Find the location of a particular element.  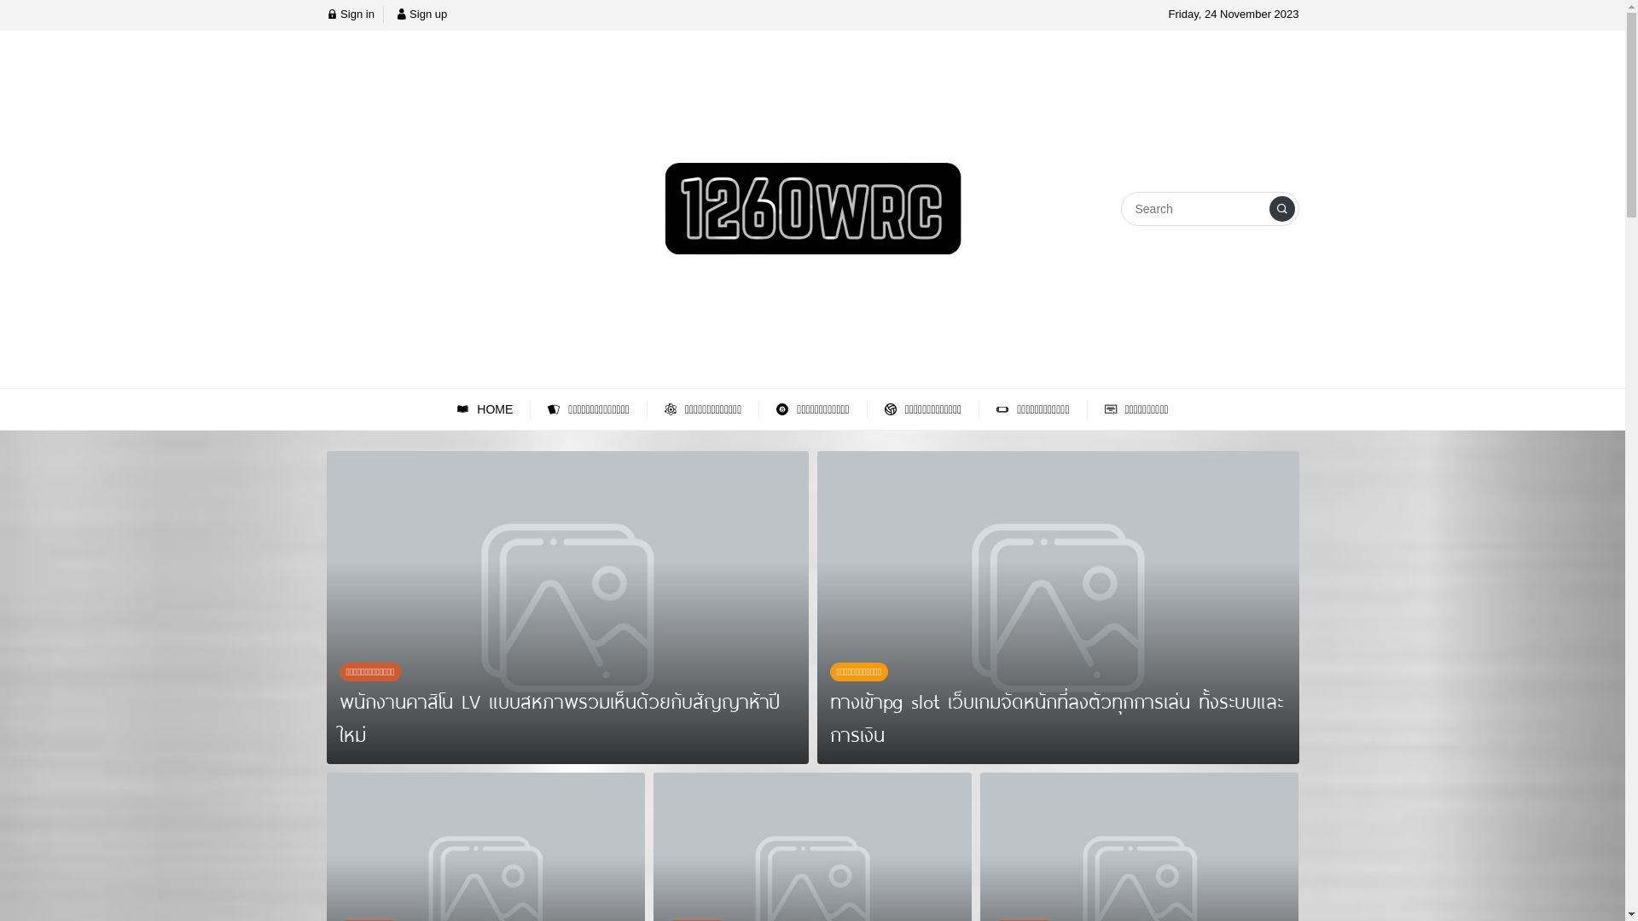

'Sign in' is located at coordinates (348, 14).